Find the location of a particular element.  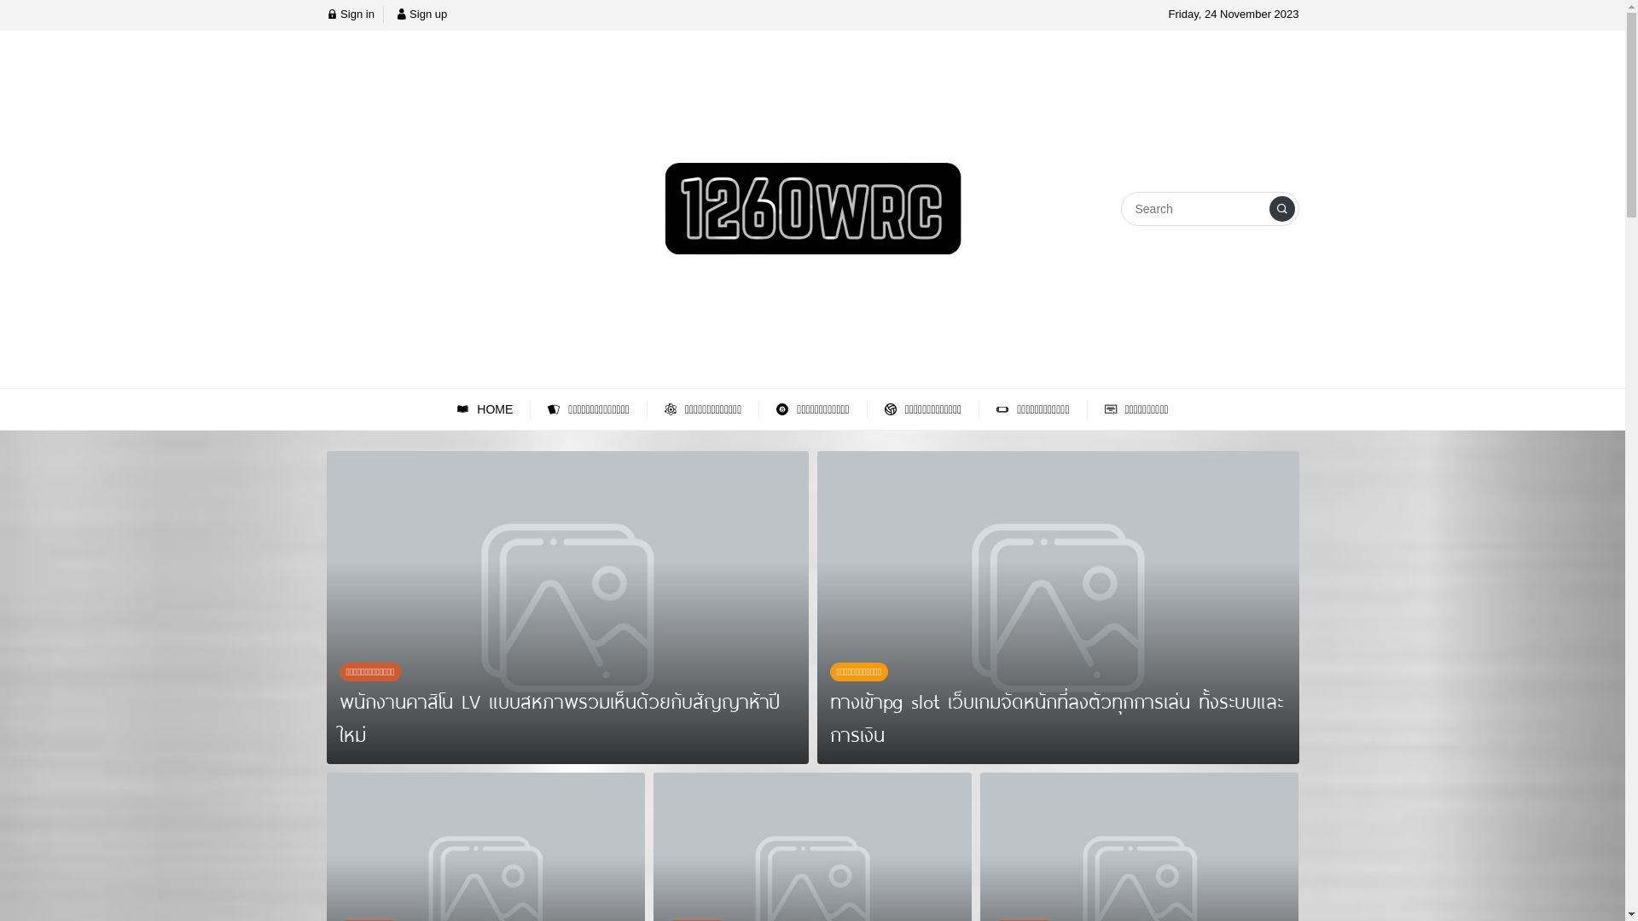

'Sign in' is located at coordinates (348, 14).